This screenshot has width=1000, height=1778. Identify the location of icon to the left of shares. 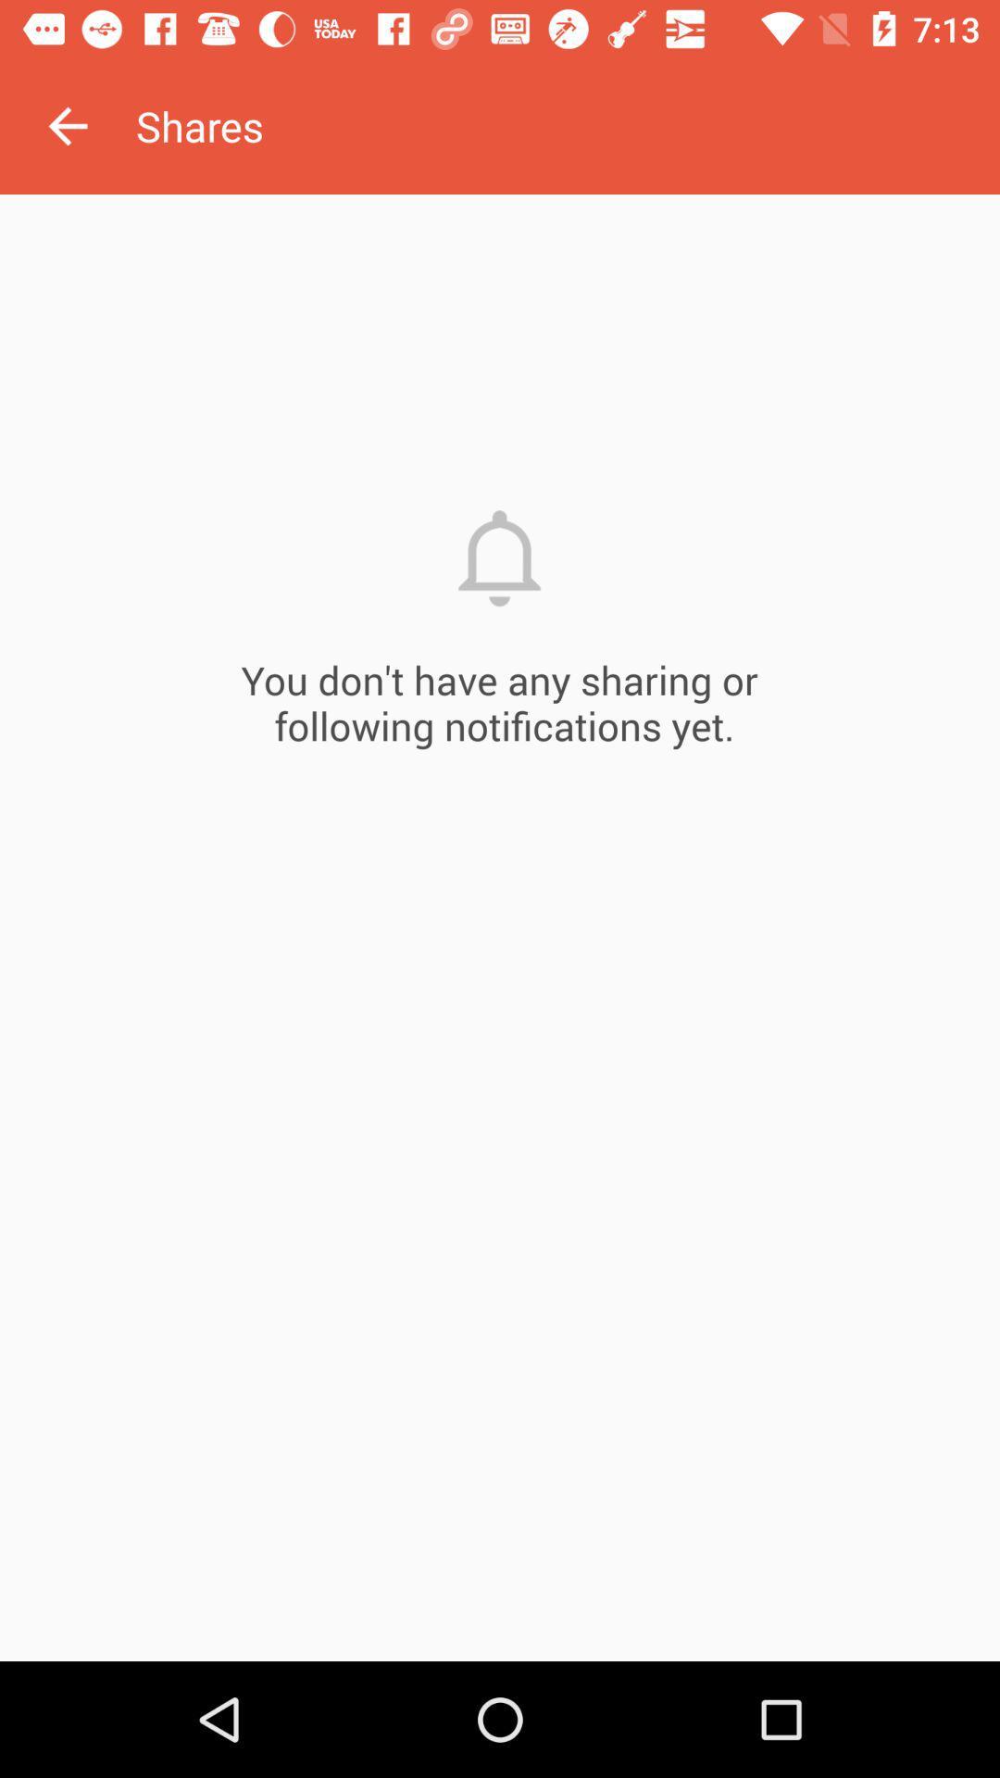
(67, 125).